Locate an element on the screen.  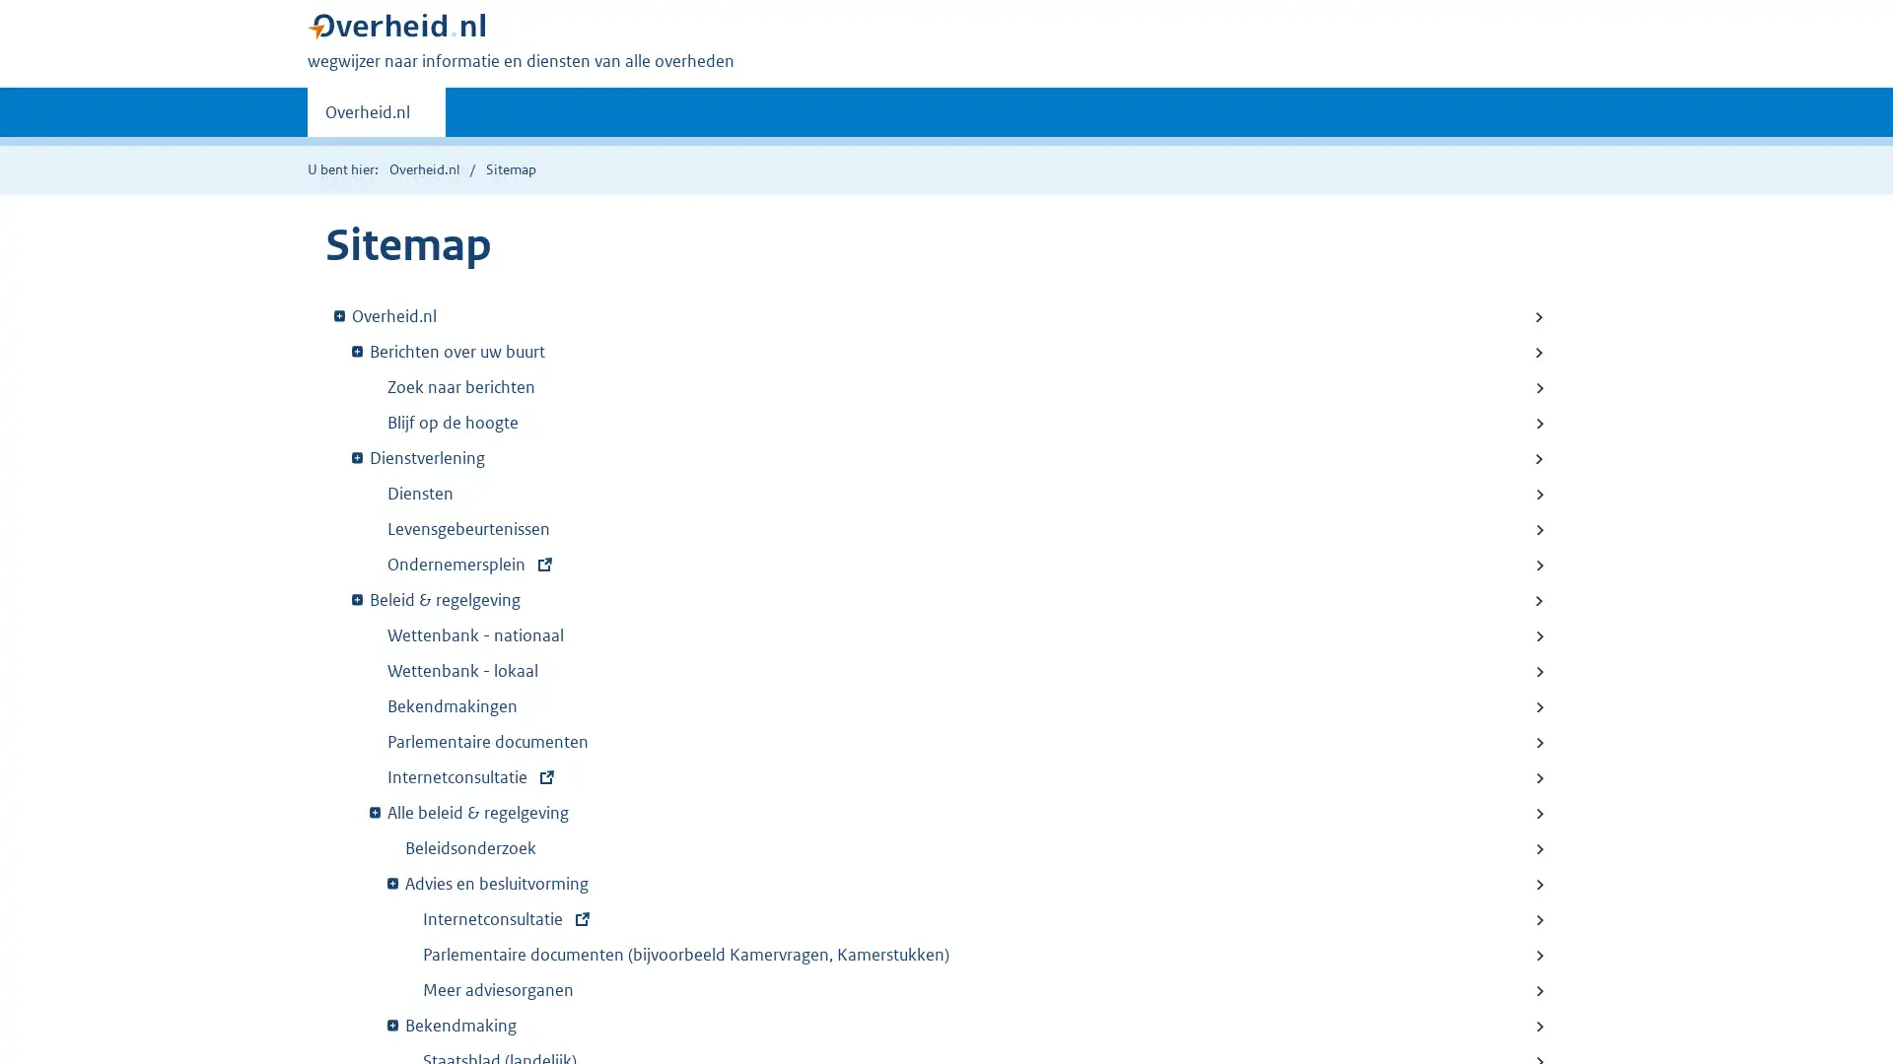
Verberg onderliggende is located at coordinates (392, 1023).